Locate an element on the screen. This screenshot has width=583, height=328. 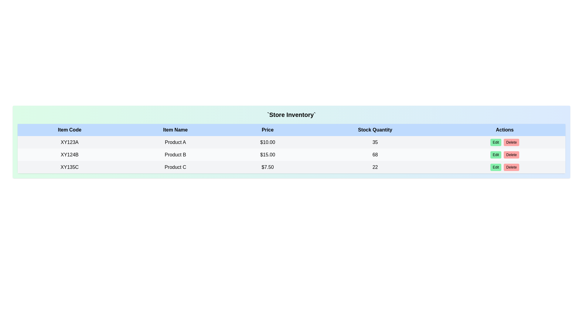
the delete button in the 'Actions' column of the table row containing 'XY124B' is located at coordinates (511, 154).